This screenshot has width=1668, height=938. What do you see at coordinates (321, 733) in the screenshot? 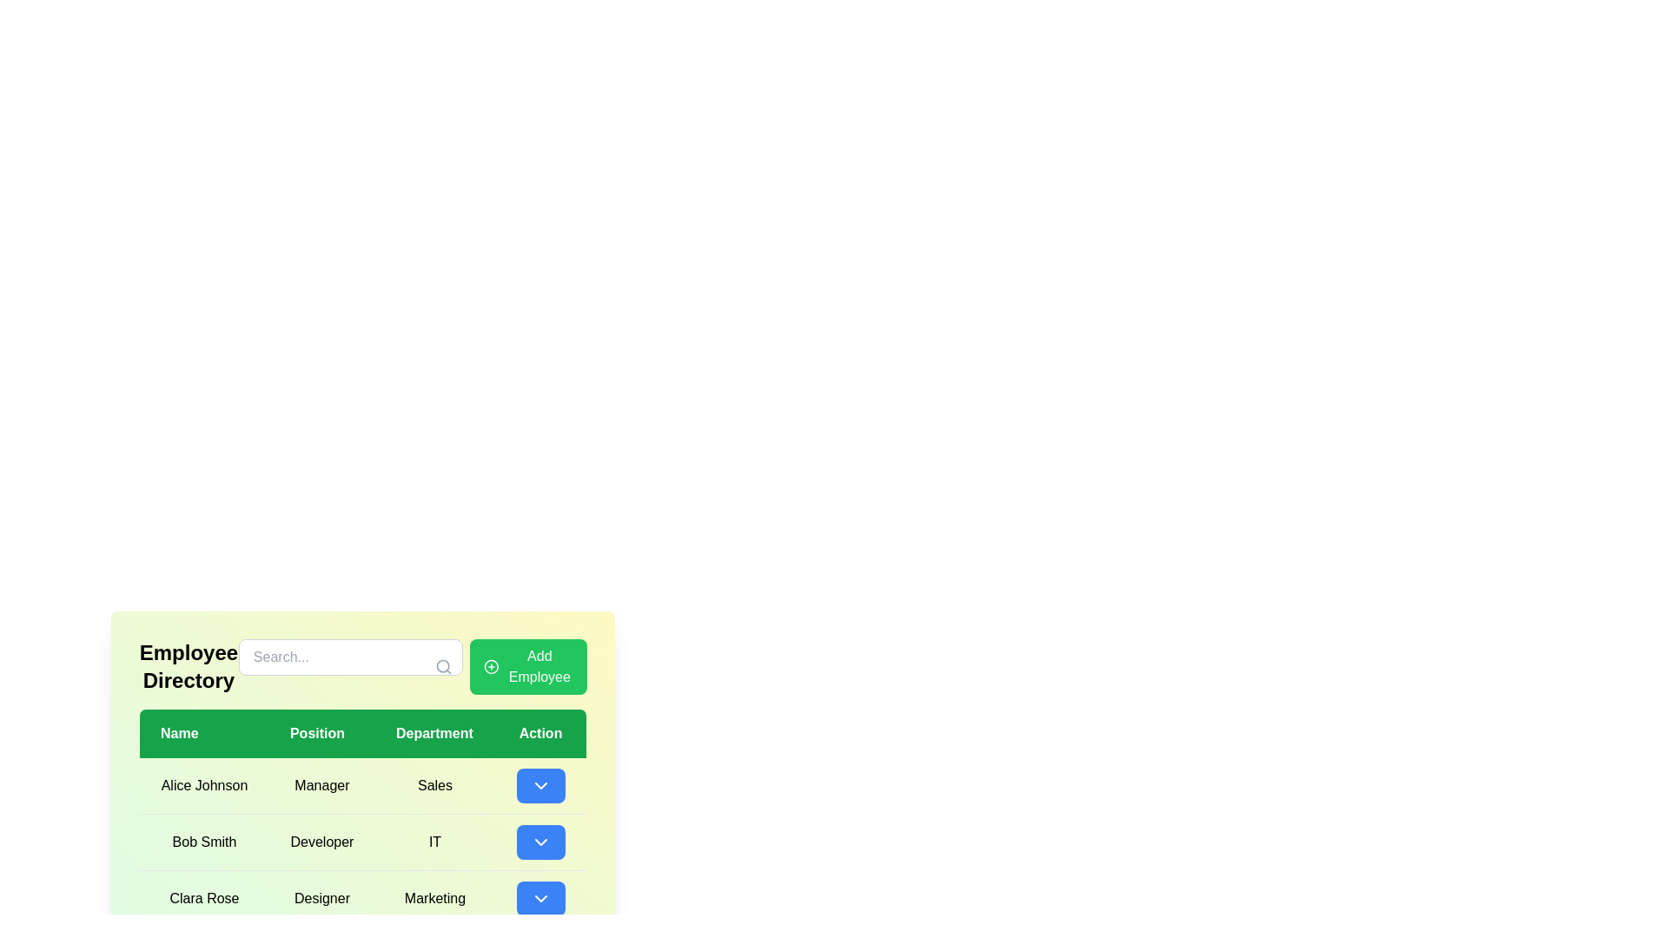
I see `the 'Position' column header label within the table, which is the second column header located between 'Name' and 'Department'` at bounding box center [321, 733].